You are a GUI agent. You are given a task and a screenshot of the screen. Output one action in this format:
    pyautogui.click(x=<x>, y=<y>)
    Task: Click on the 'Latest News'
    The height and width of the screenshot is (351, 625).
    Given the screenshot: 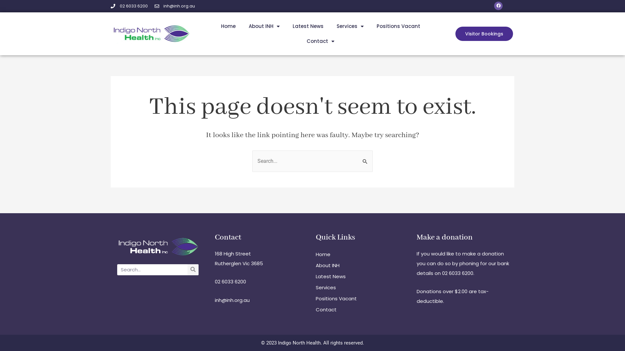 What is the action you would take?
    pyautogui.click(x=362, y=277)
    